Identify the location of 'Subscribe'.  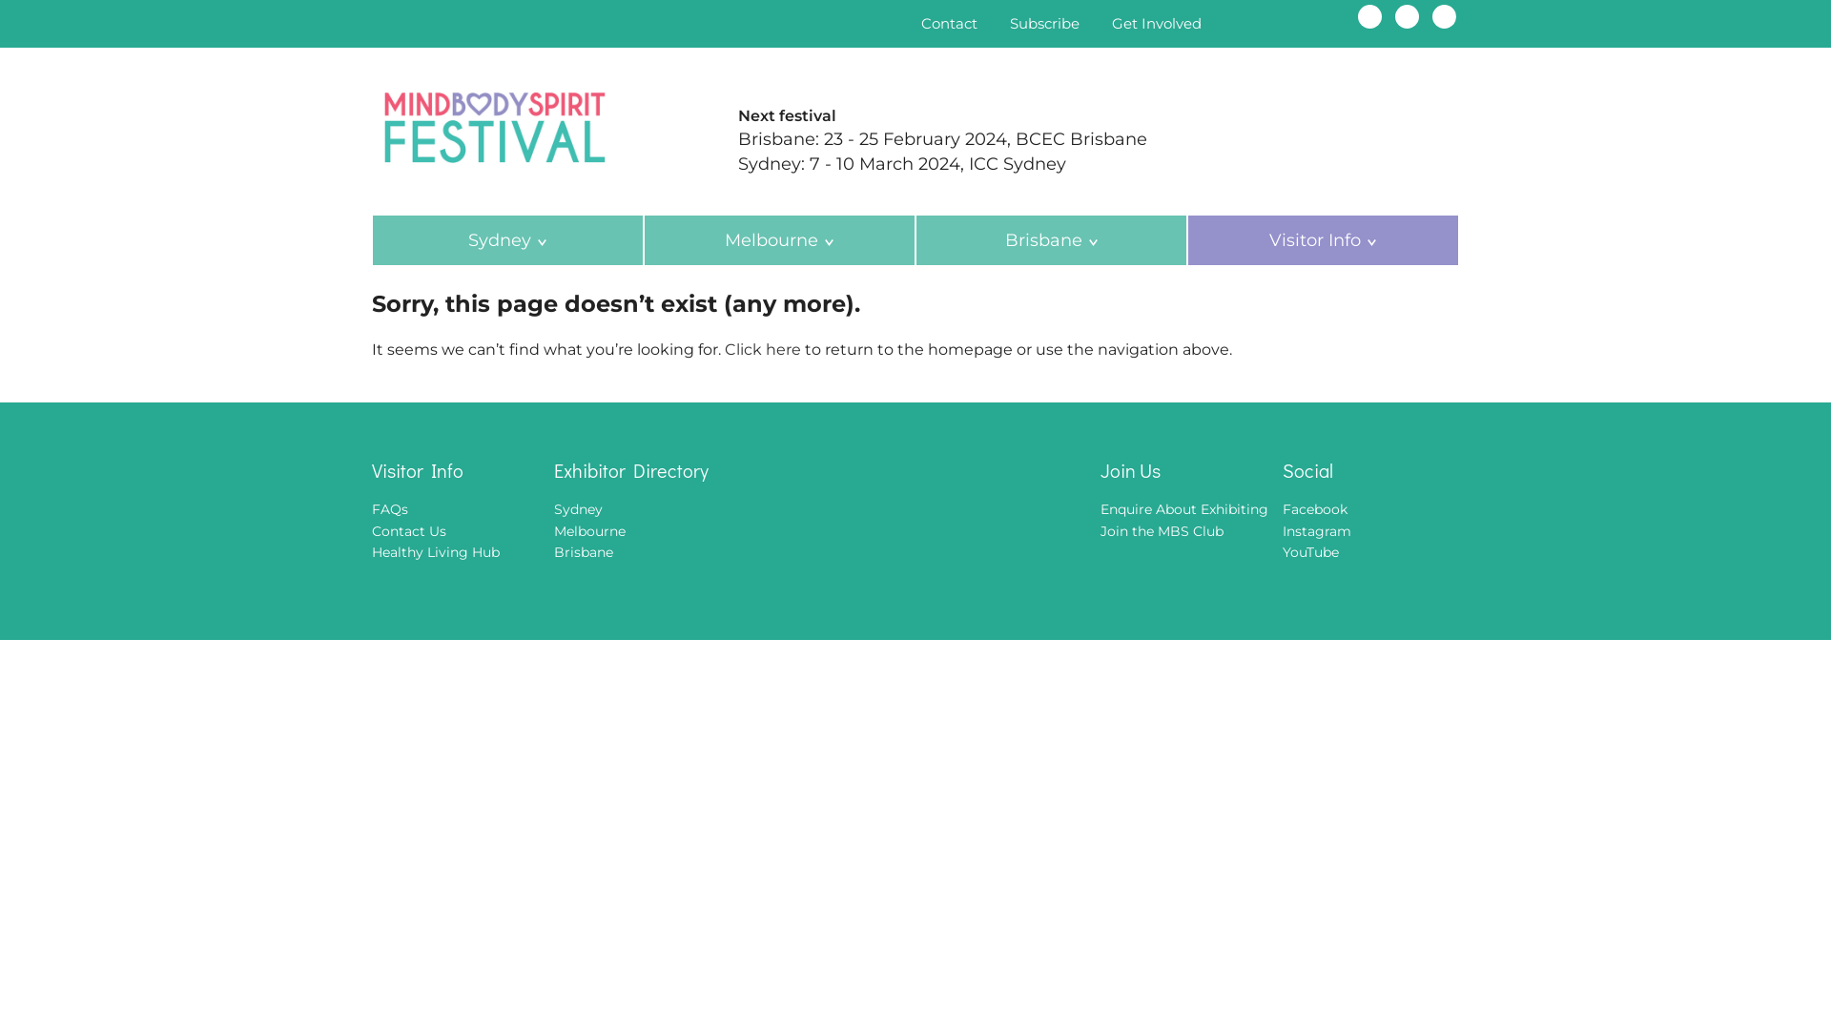
(1043, 23).